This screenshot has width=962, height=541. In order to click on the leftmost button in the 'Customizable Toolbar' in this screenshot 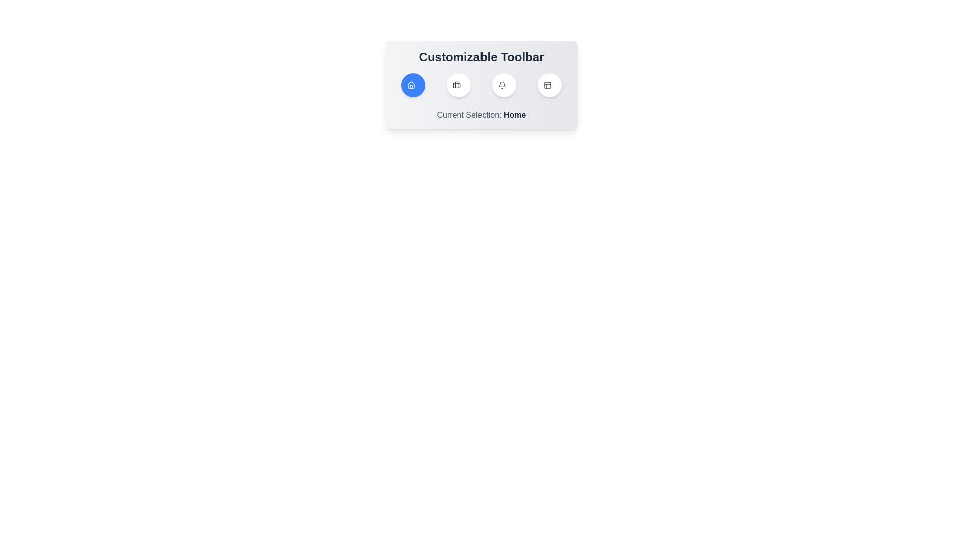, I will do `click(413, 84)`.